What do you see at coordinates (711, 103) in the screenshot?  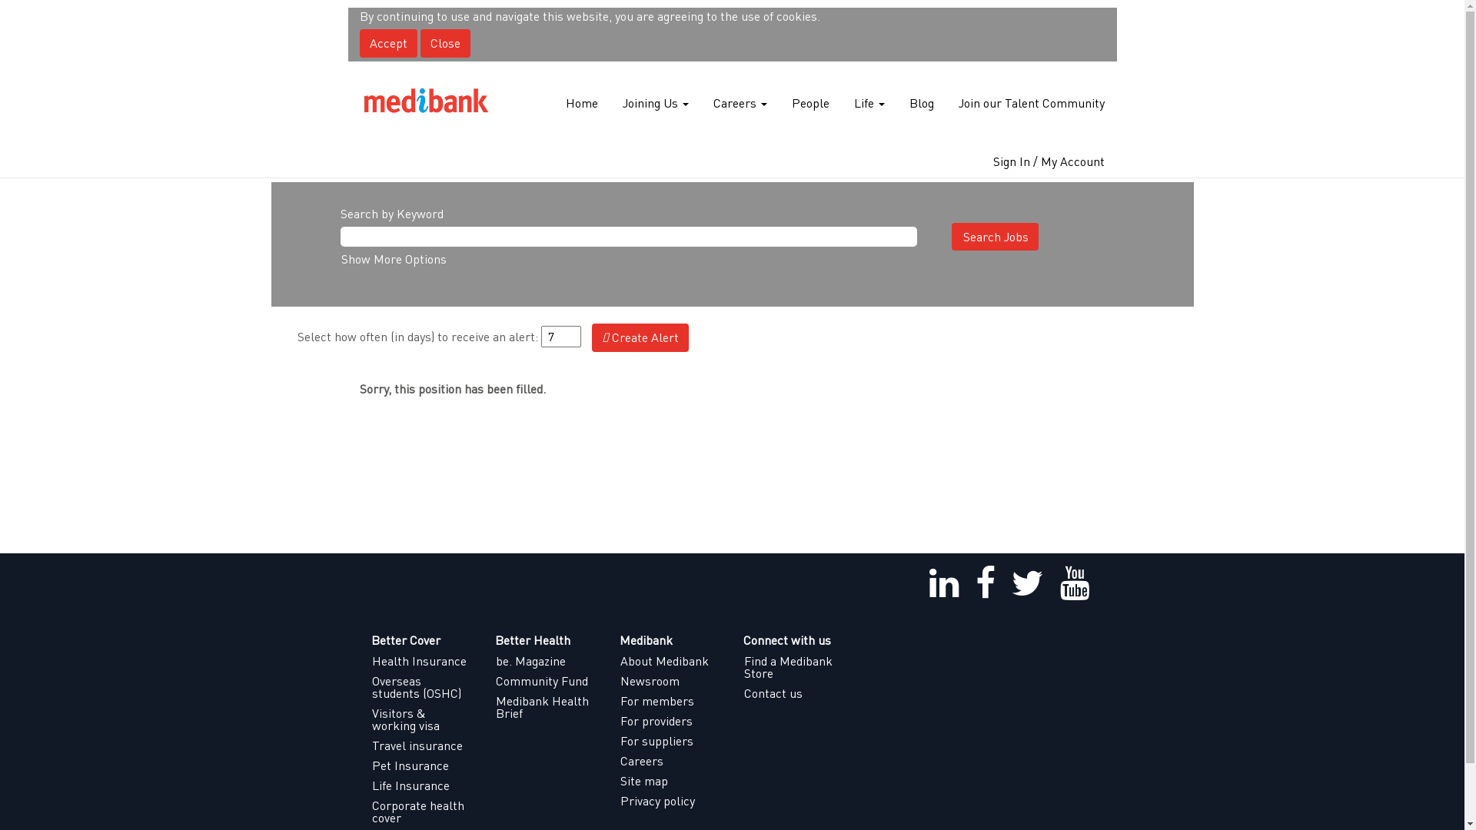 I see `'Careers'` at bounding box center [711, 103].